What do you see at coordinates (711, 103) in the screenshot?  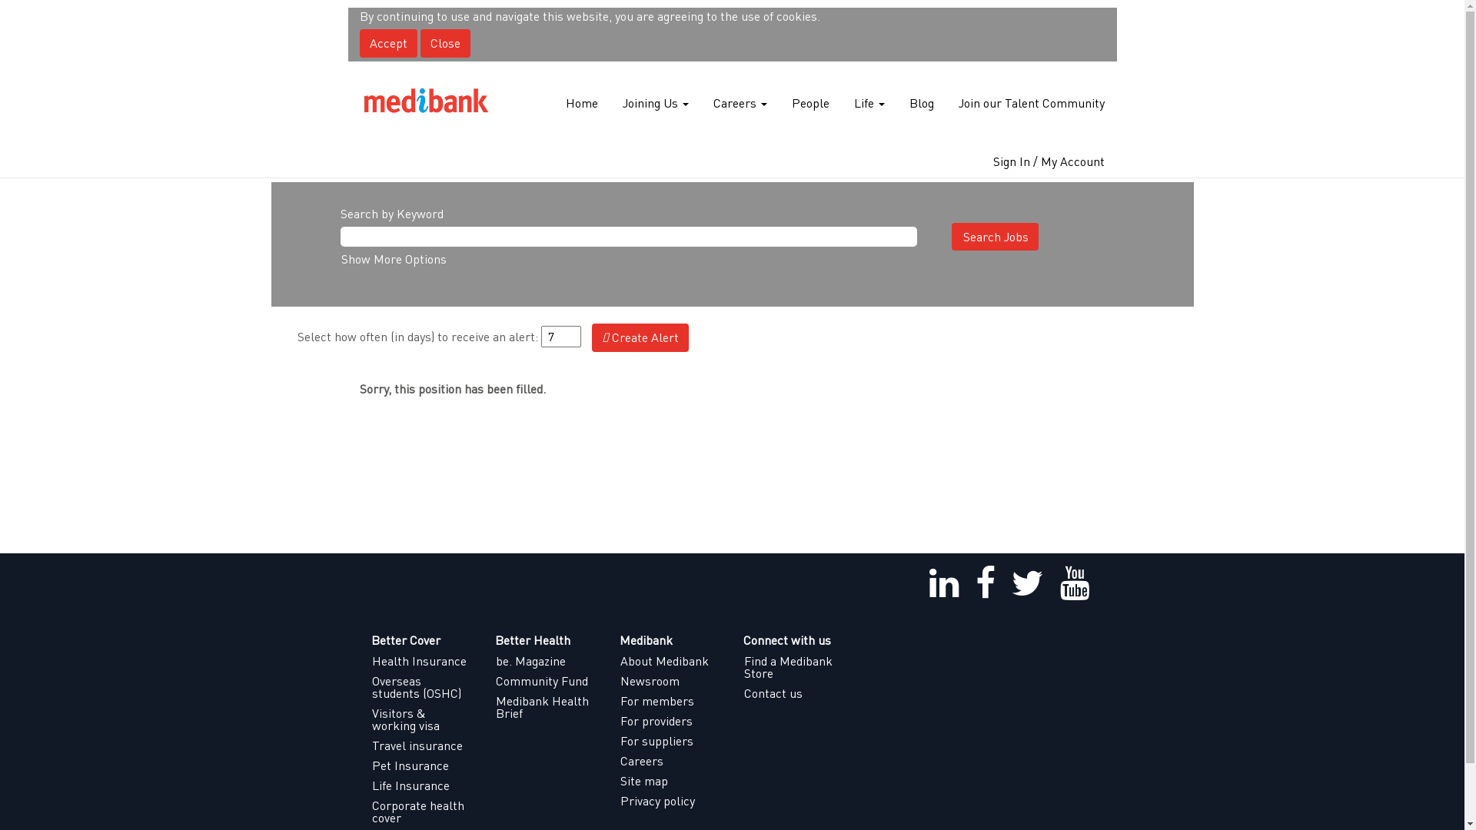 I see `'Careers'` at bounding box center [711, 103].